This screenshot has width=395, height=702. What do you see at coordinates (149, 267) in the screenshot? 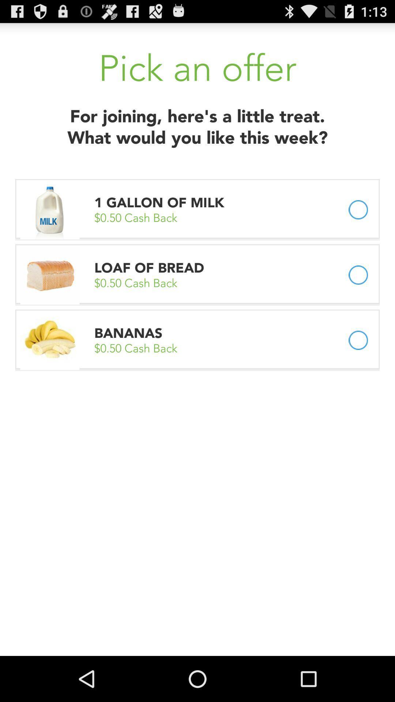
I see `the loaf of bread icon` at bounding box center [149, 267].